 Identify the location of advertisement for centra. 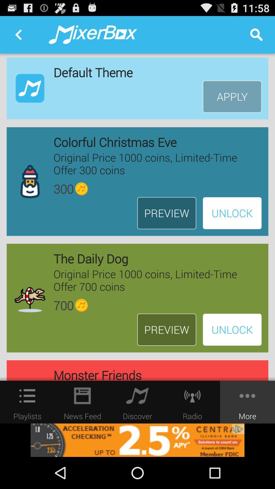
(137, 440).